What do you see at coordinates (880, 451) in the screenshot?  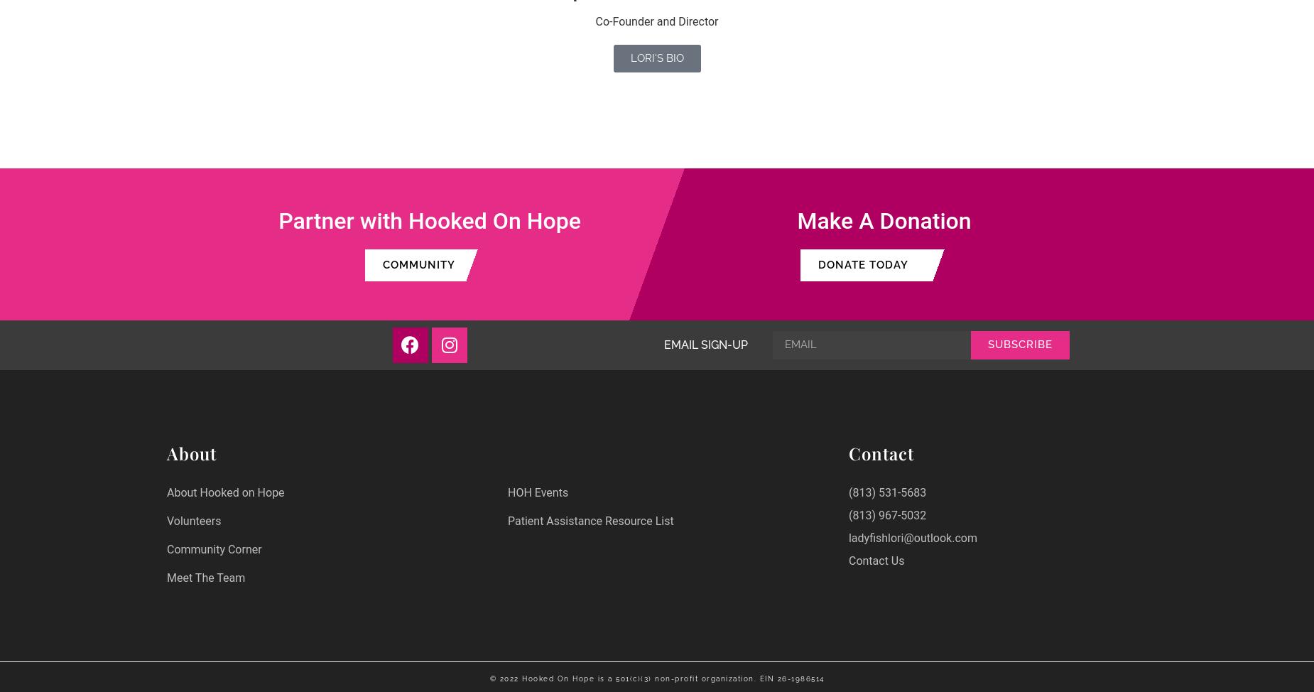 I see `'Contact'` at bounding box center [880, 451].